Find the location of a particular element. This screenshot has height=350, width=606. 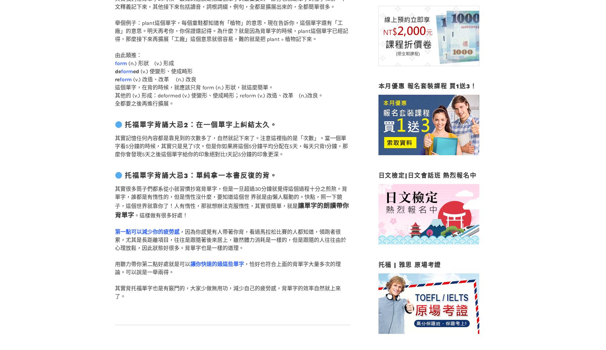

'其他的 (v.) 形成：deformed (v.) 使變形、使成畸形；reform (v.) 改造、改革　(n.)改良。' is located at coordinates (114, 82).